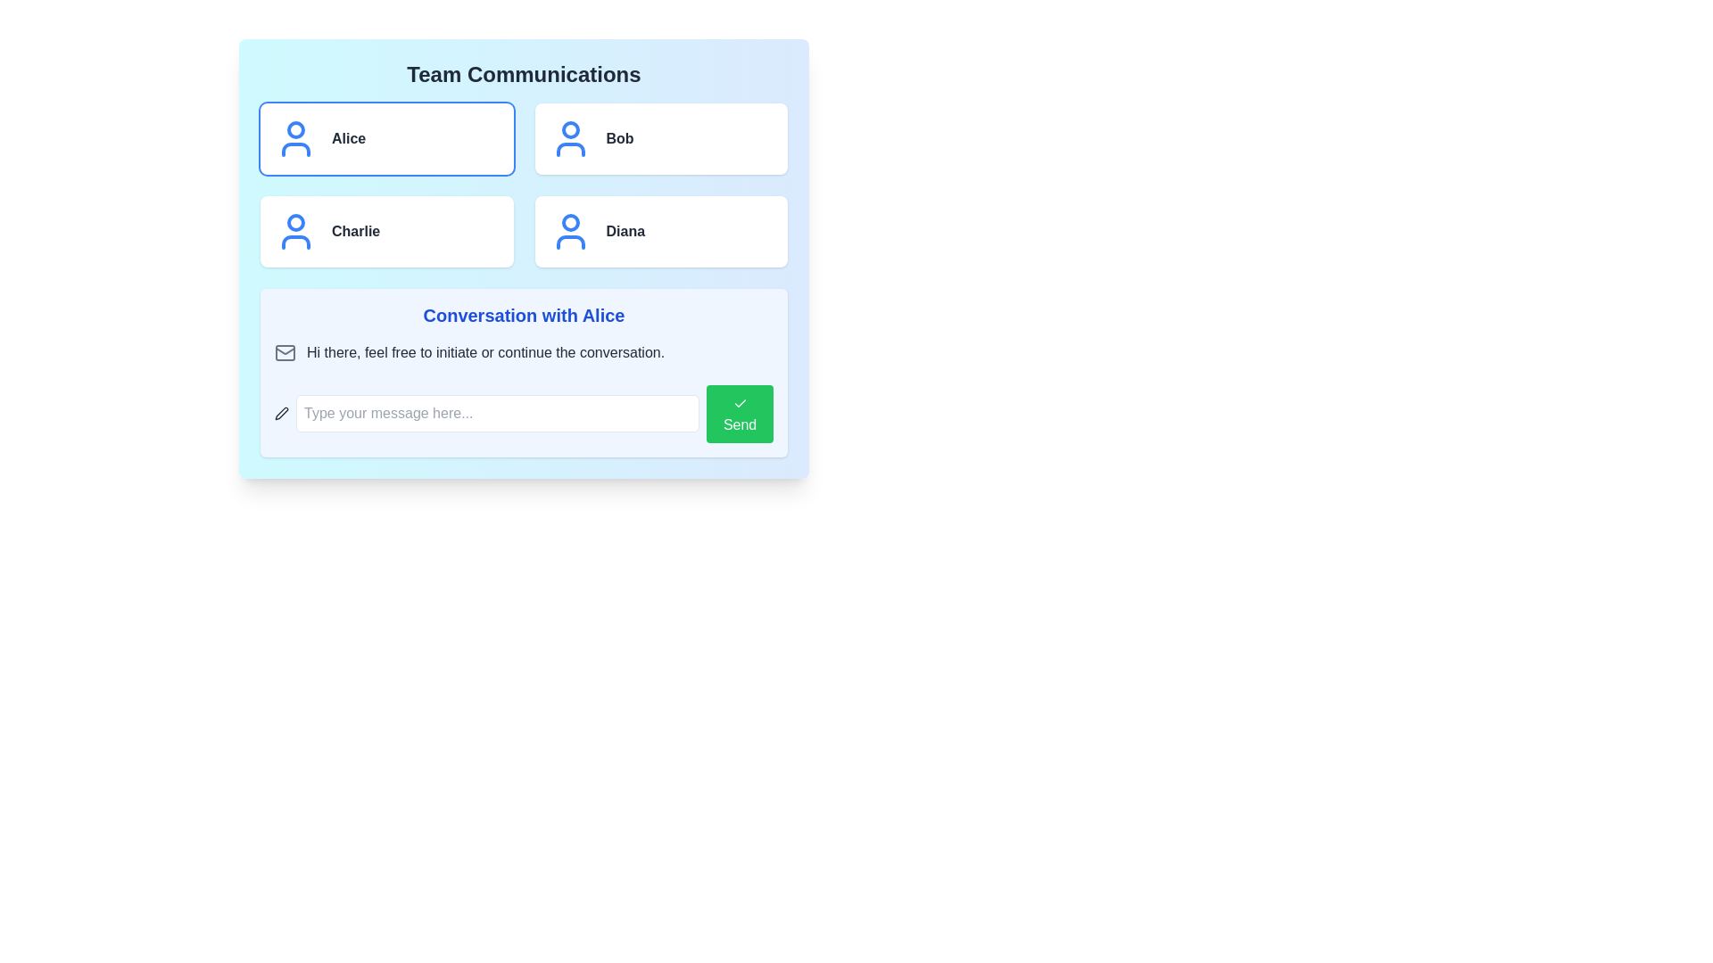 This screenshot has width=1713, height=963. I want to click on the text label displaying the name 'Diana' in bold, black text to highlight or select the associated entity, so click(625, 230).